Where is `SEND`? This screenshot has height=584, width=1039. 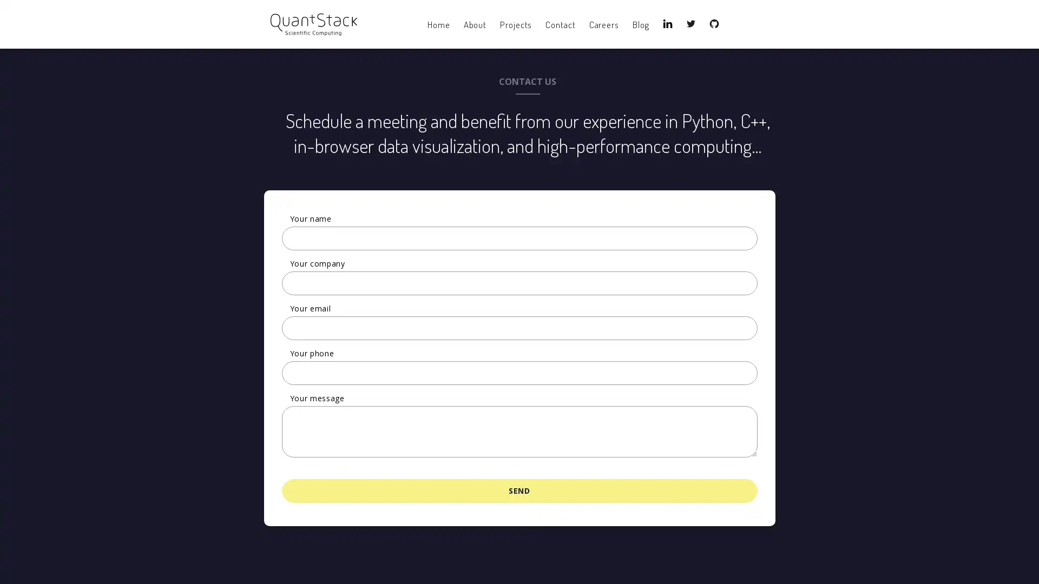
SEND is located at coordinates (518, 490).